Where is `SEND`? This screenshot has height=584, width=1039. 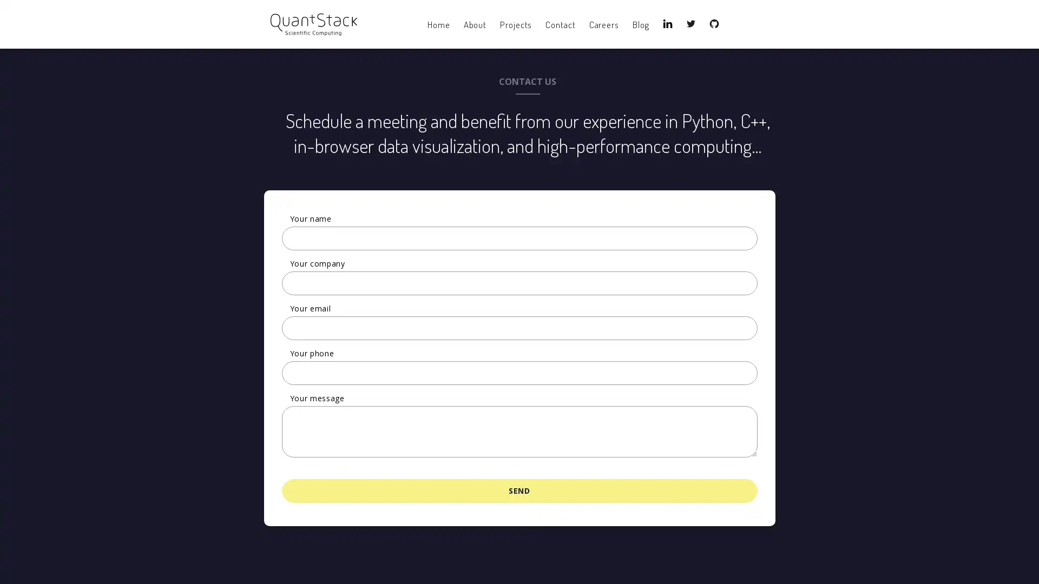
SEND is located at coordinates (518, 490).